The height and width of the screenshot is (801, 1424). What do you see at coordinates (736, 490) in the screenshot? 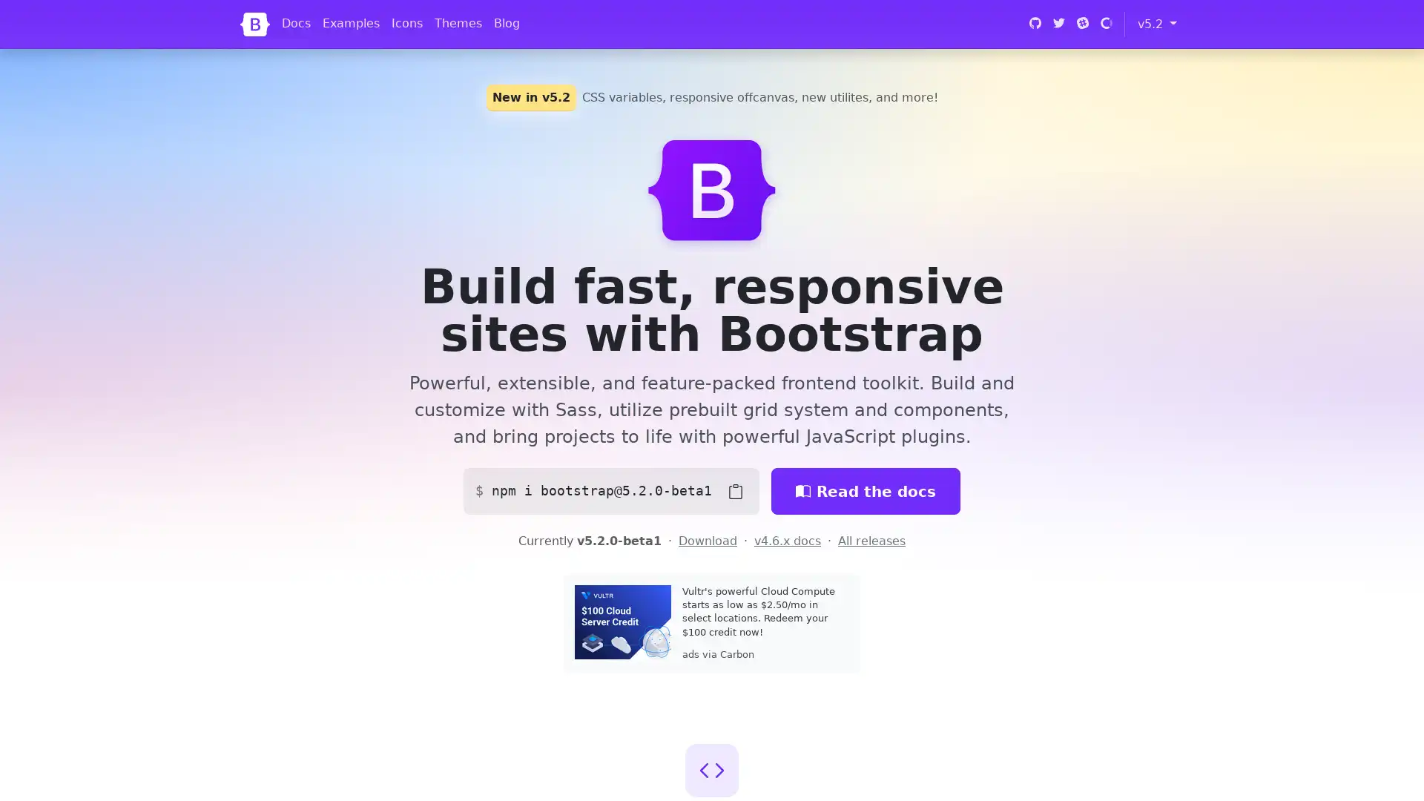
I see `Copy` at bounding box center [736, 490].